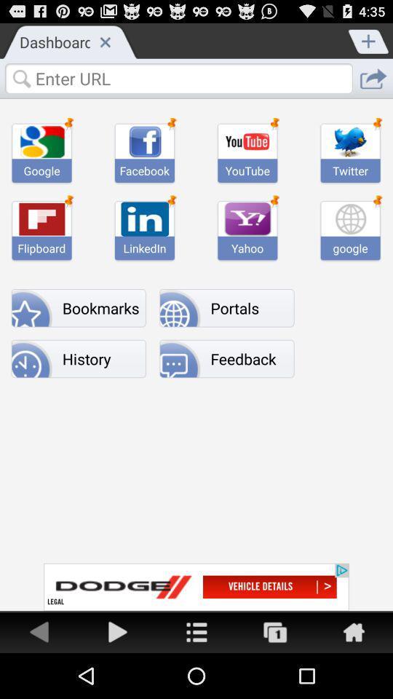  I want to click on the close icon, so click(104, 44).